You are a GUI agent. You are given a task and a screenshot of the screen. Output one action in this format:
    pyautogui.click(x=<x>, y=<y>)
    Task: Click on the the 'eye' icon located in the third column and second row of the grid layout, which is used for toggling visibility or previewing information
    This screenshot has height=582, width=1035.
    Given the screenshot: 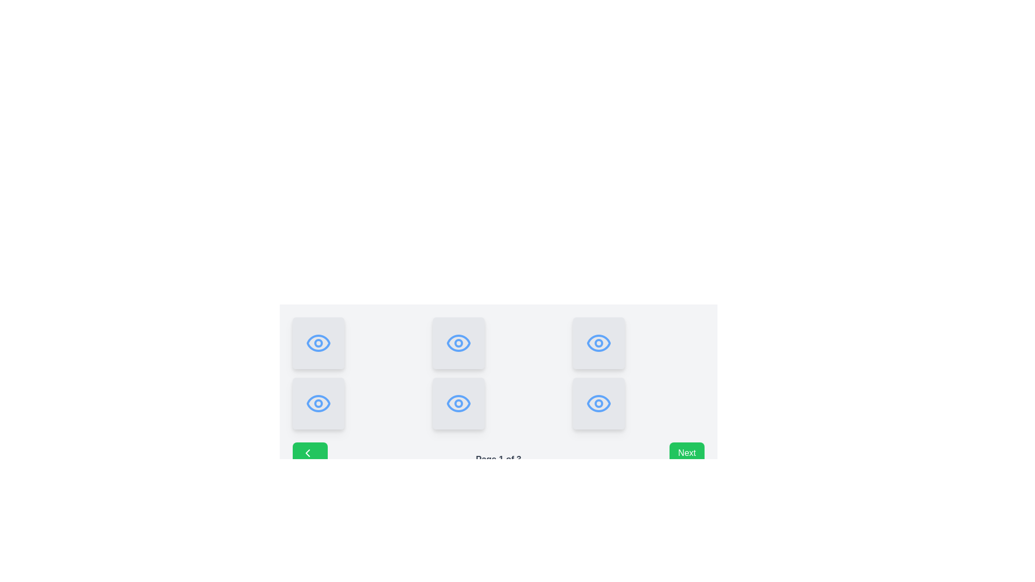 What is the action you would take?
    pyautogui.click(x=598, y=343)
    